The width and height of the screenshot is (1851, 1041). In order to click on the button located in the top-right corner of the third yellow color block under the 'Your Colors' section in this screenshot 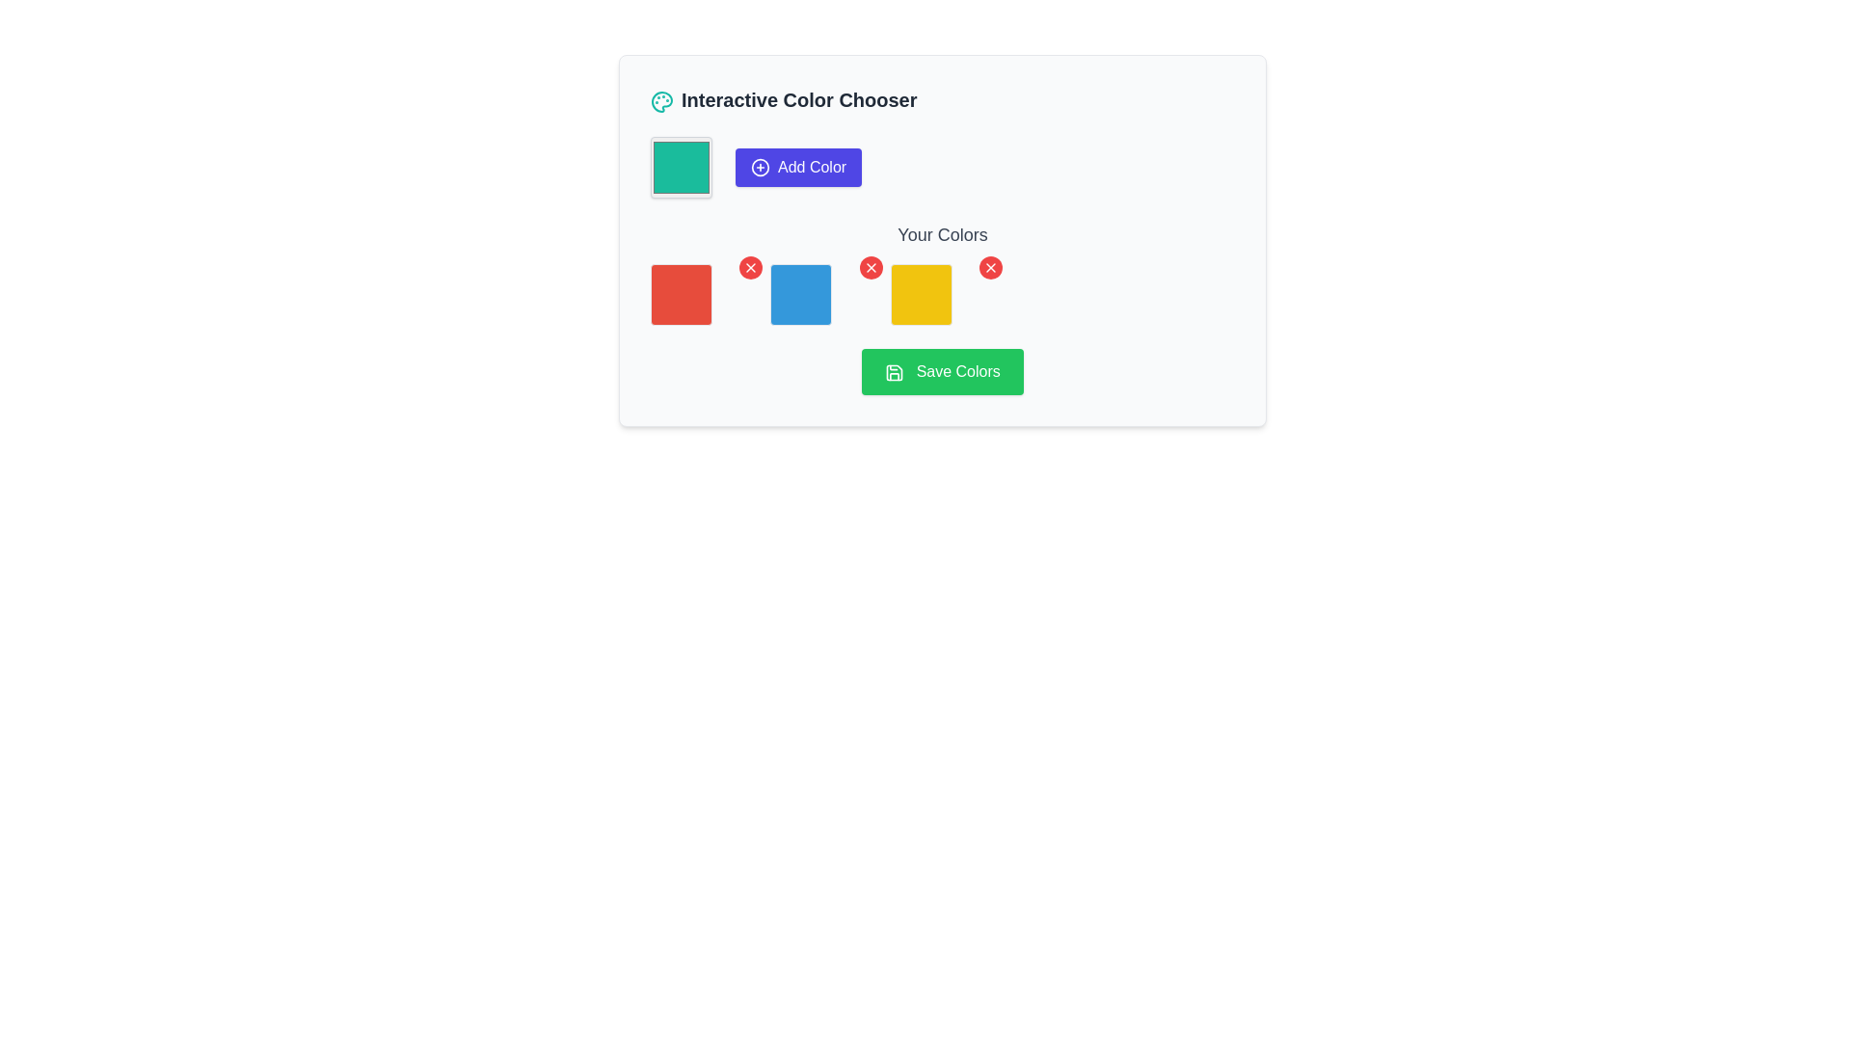, I will do `click(991, 267)`.